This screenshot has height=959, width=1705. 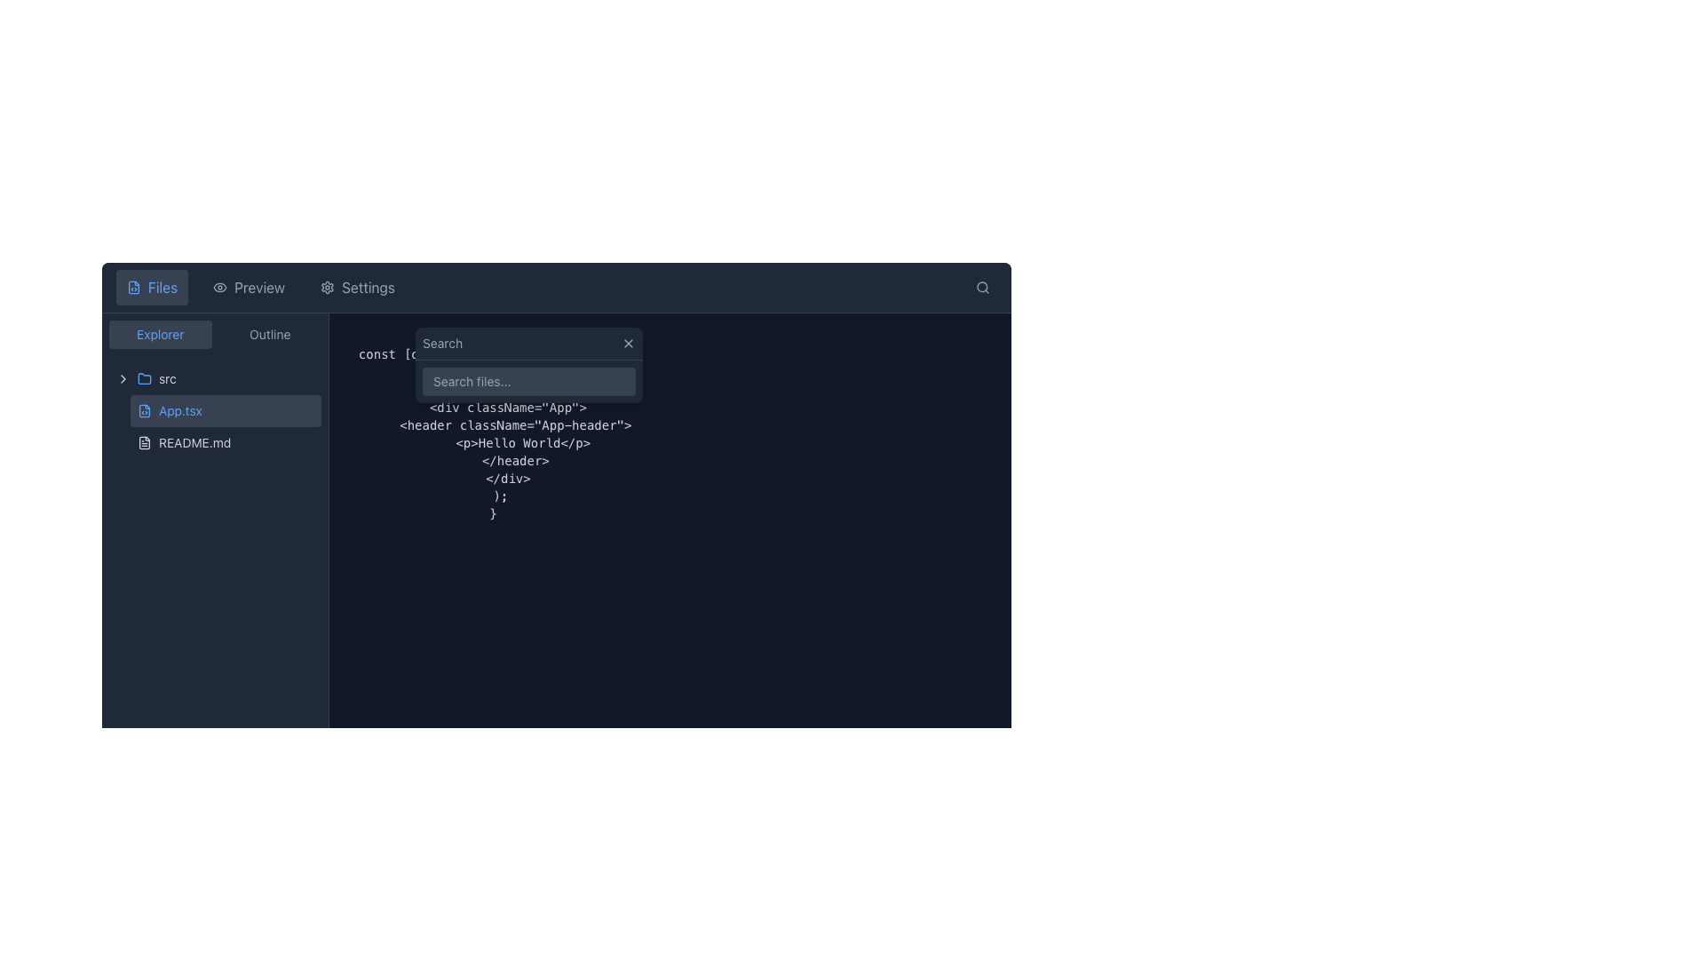 What do you see at coordinates (214, 335) in the screenshot?
I see `the 'Outline' button in the toggle navigation element located in the top left section of the sidebar` at bounding box center [214, 335].